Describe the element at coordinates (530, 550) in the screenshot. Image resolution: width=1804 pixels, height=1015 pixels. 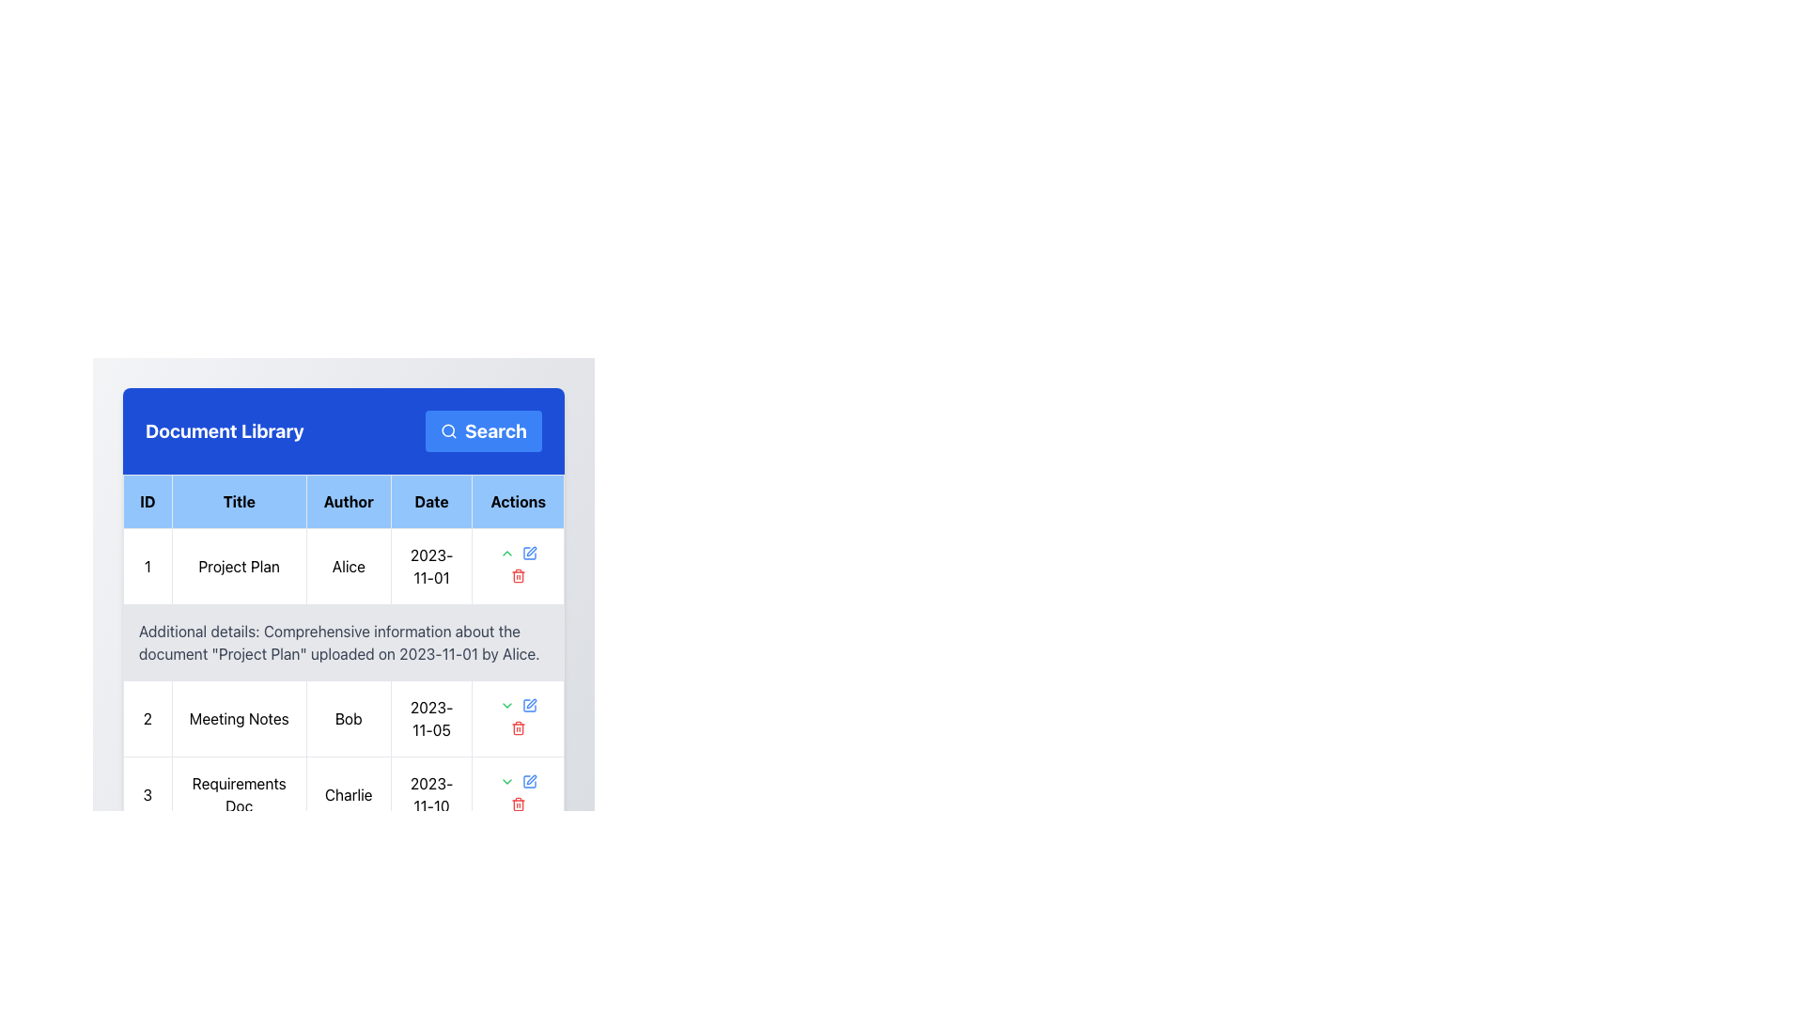
I see `the pen icon in the 'Actions' column of the second row in the 'Document Library' table` at that location.